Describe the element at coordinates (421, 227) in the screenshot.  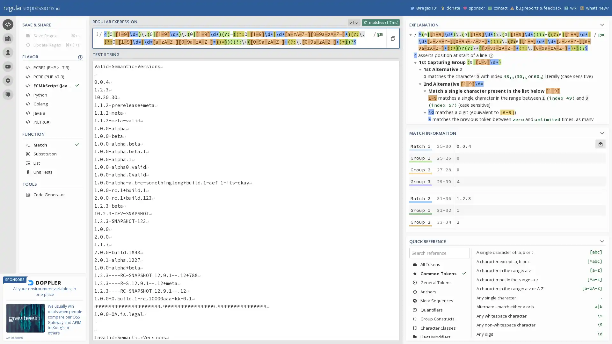
I see `Collapse Subtree` at that location.